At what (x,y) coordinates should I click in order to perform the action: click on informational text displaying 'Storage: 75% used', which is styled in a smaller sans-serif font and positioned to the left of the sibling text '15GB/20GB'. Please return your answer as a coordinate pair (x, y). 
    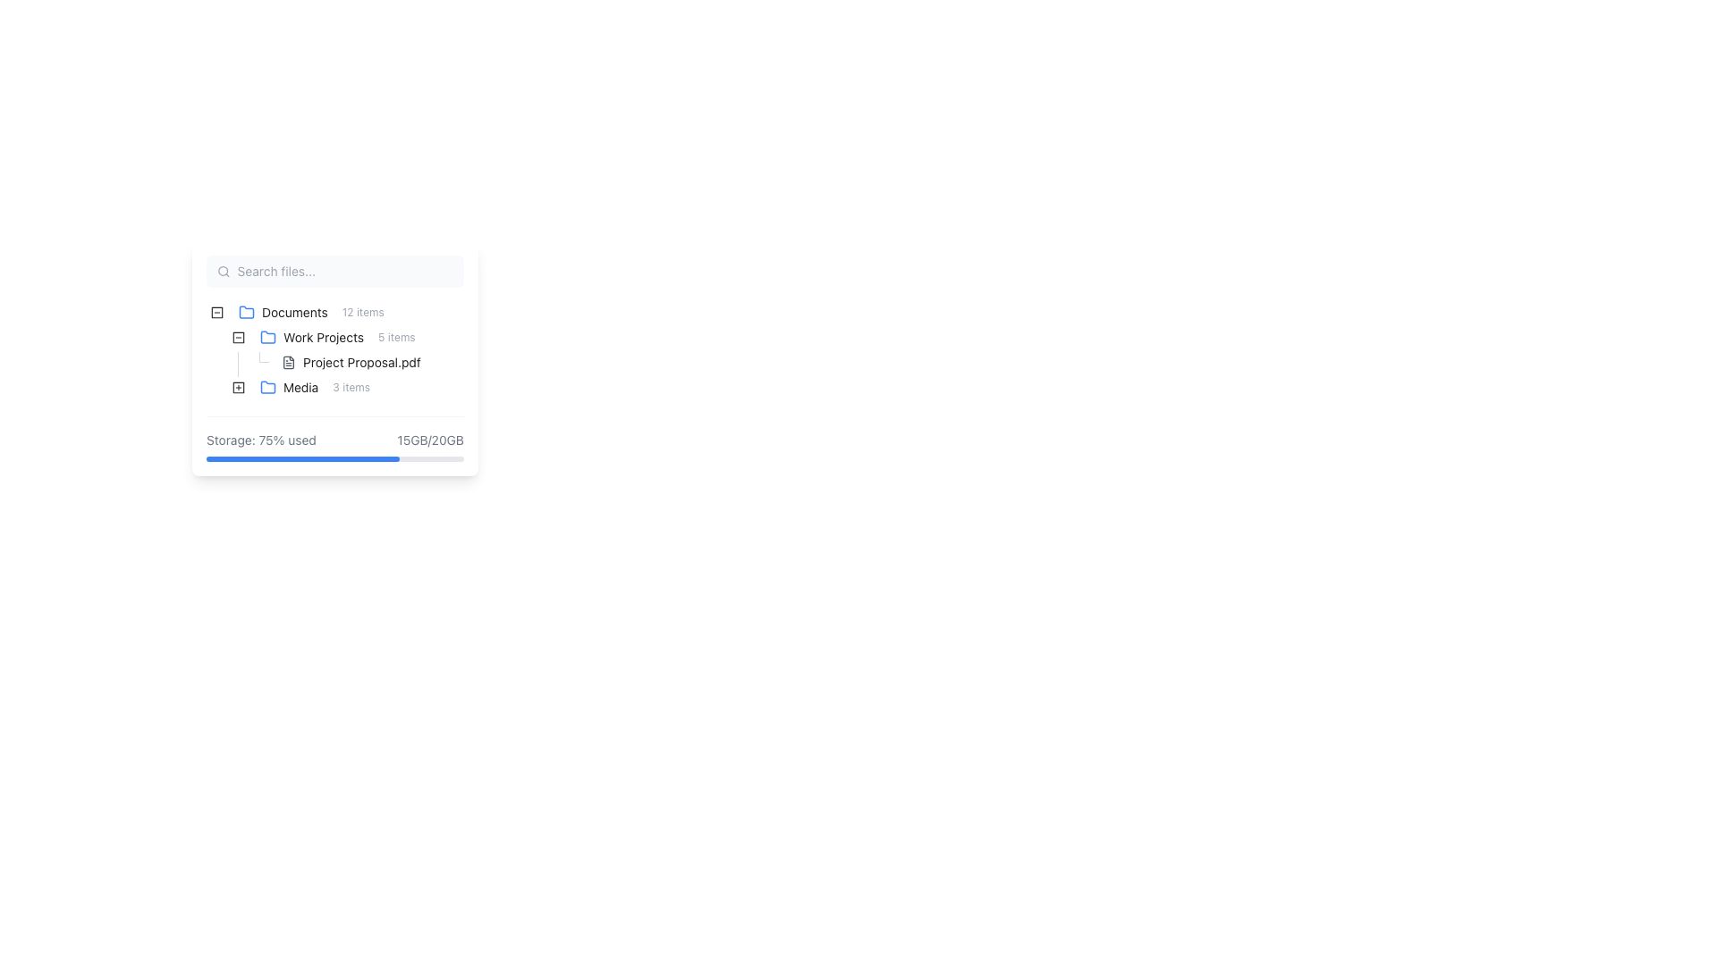
    Looking at the image, I should click on (260, 441).